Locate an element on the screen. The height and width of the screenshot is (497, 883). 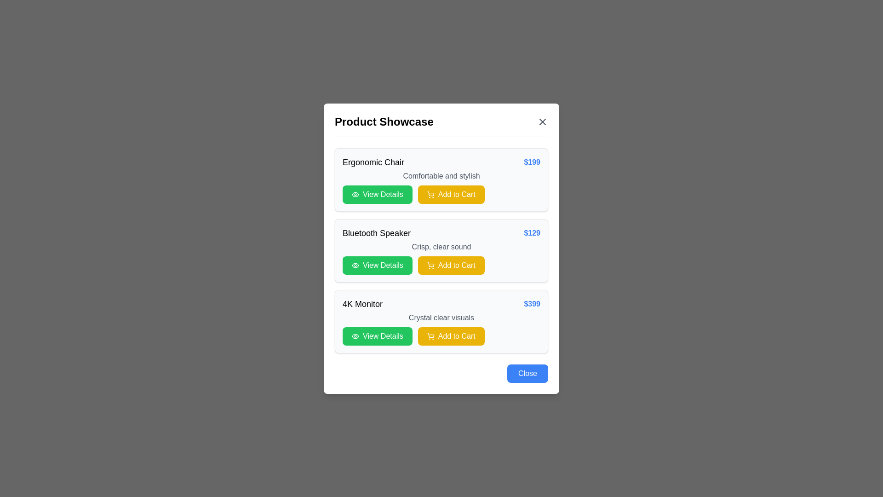
the close button located in the top-right corner of the modal window, aligned with the 'Product Showcase' text is located at coordinates (543, 121).